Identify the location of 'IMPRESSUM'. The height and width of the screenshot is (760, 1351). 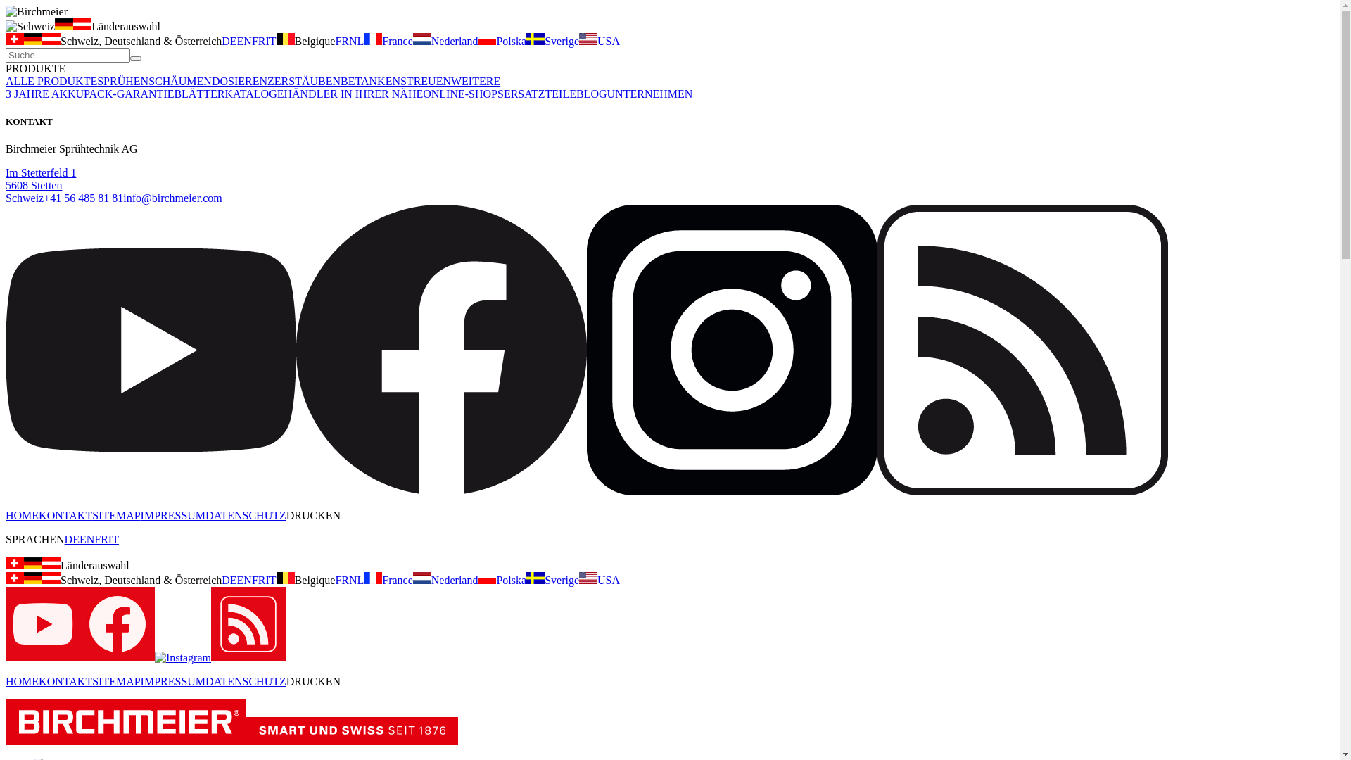
(172, 680).